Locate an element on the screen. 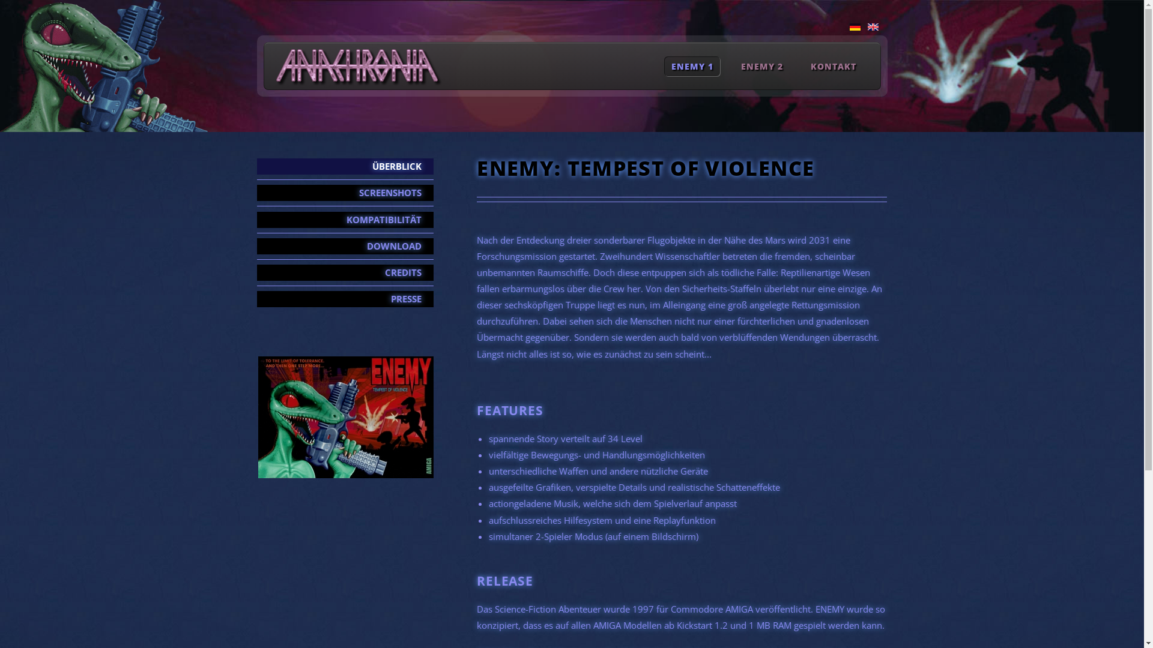 This screenshot has height=648, width=1153. 'ENEMY 2' is located at coordinates (761, 66).